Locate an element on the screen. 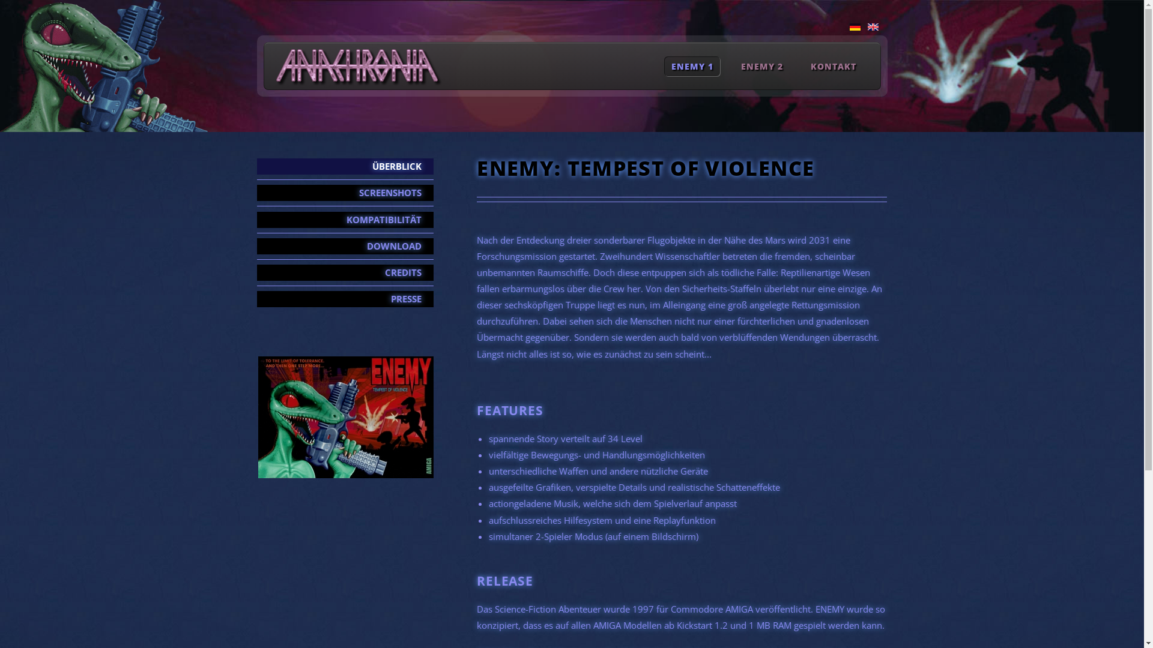 This screenshot has height=648, width=1153. 'ENEMY 2' is located at coordinates (761, 66).